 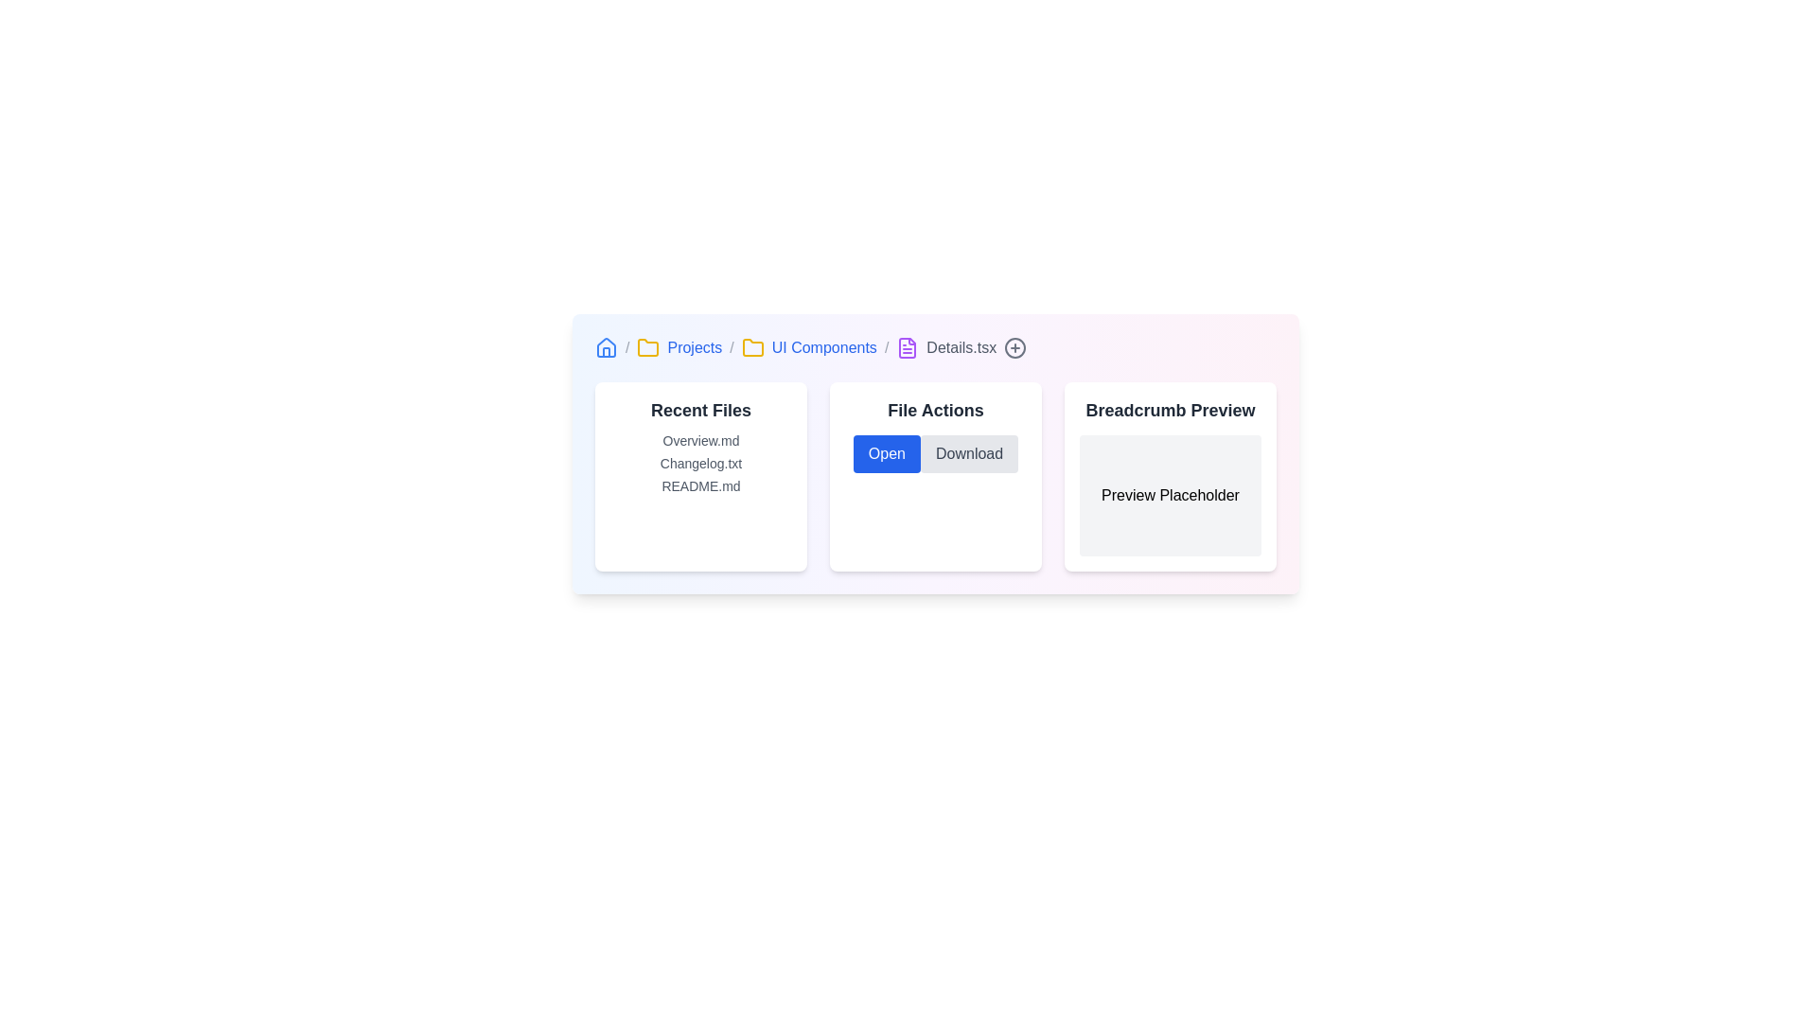 What do you see at coordinates (1014, 347) in the screenshot?
I see `the circular button with a plus icon, styled in gray, located at the end of the breadcrumb navigation after 'Details.tsx'` at bounding box center [1014, 347].